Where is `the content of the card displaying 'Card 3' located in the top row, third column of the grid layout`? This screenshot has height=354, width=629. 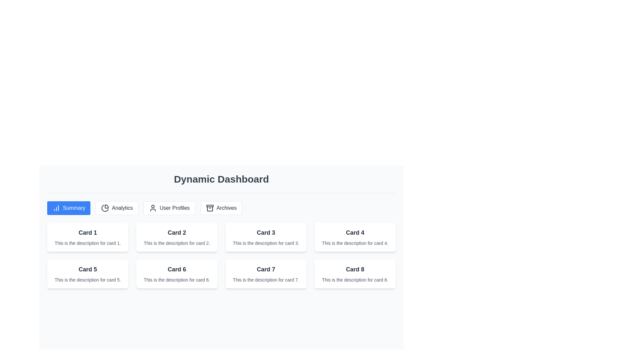 the content of the card displaying 'Card 3' located in the top row, third column of the grid layout is located at coordinates (266, 237).